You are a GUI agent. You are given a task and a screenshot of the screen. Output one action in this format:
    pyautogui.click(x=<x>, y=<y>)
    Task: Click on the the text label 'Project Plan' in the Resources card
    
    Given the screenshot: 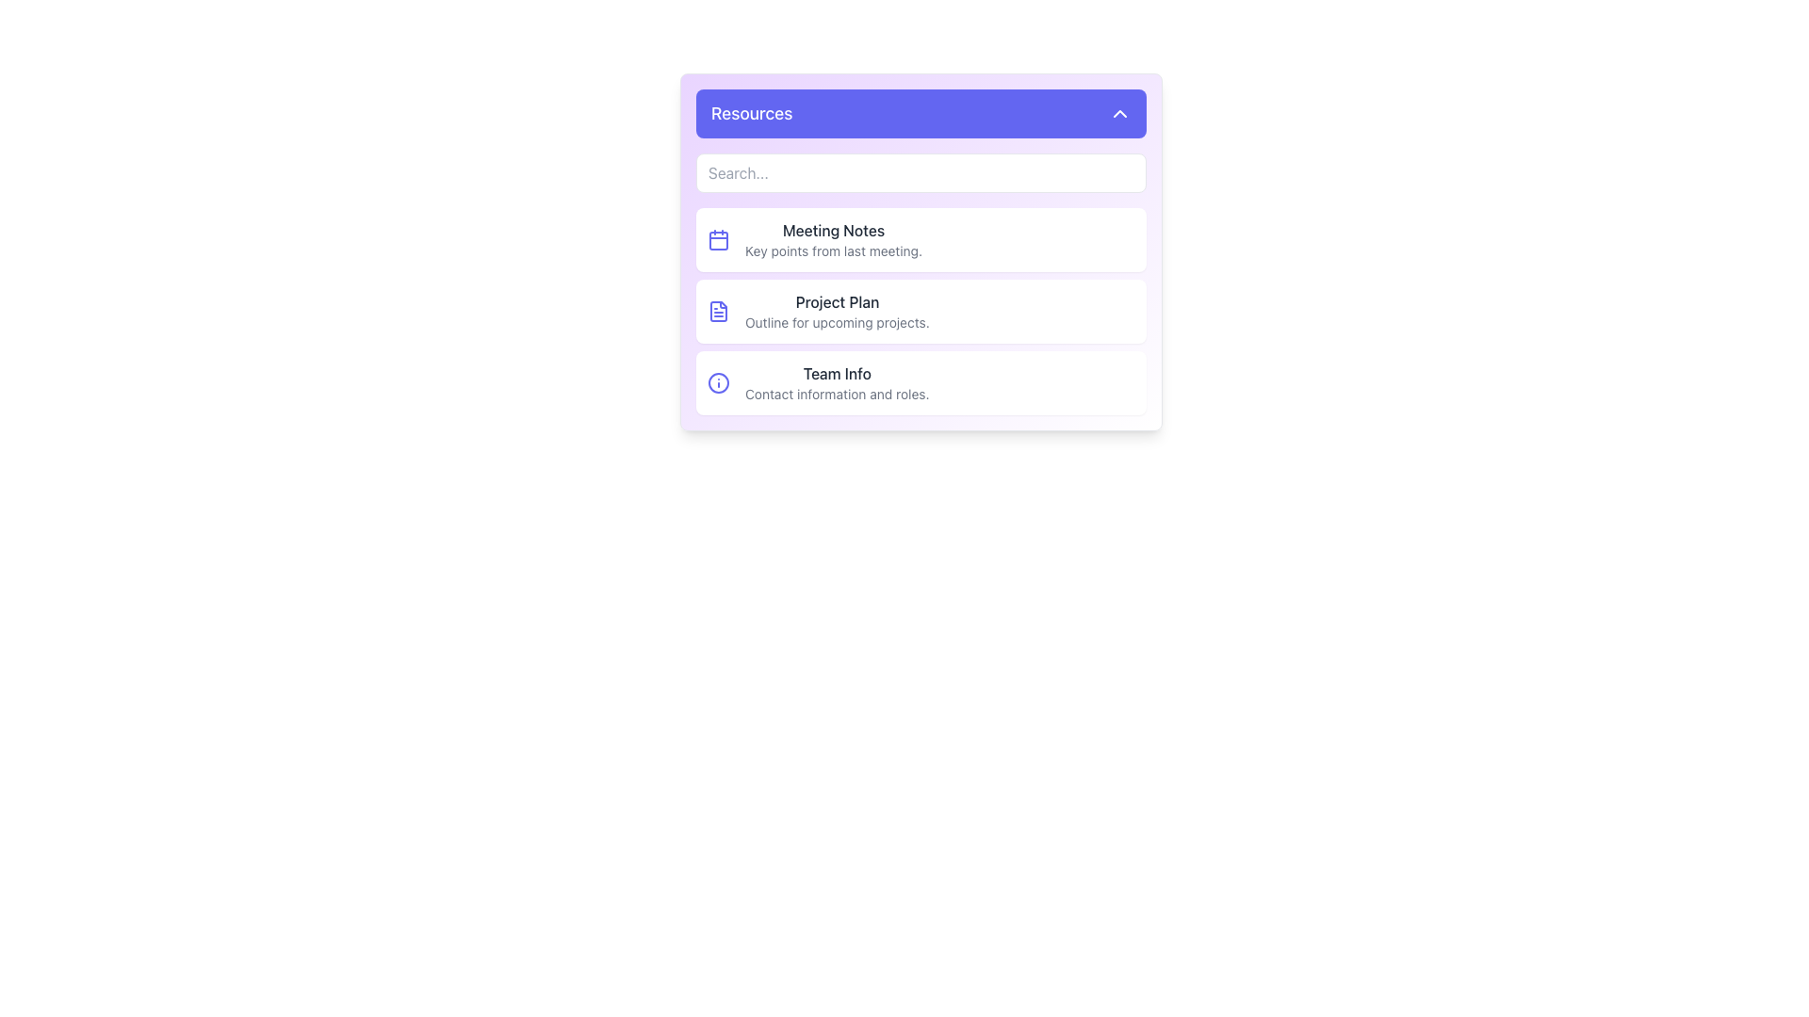 What is the action you would take?
    pyautogui.click(x=836, y=311)
    